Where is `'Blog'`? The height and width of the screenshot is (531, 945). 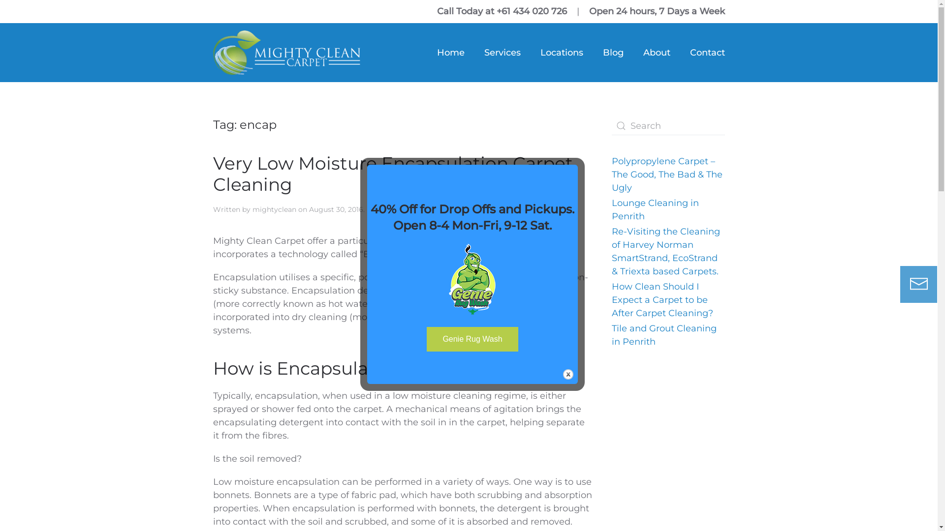
'Blog' is located at coordinates (612, 53).